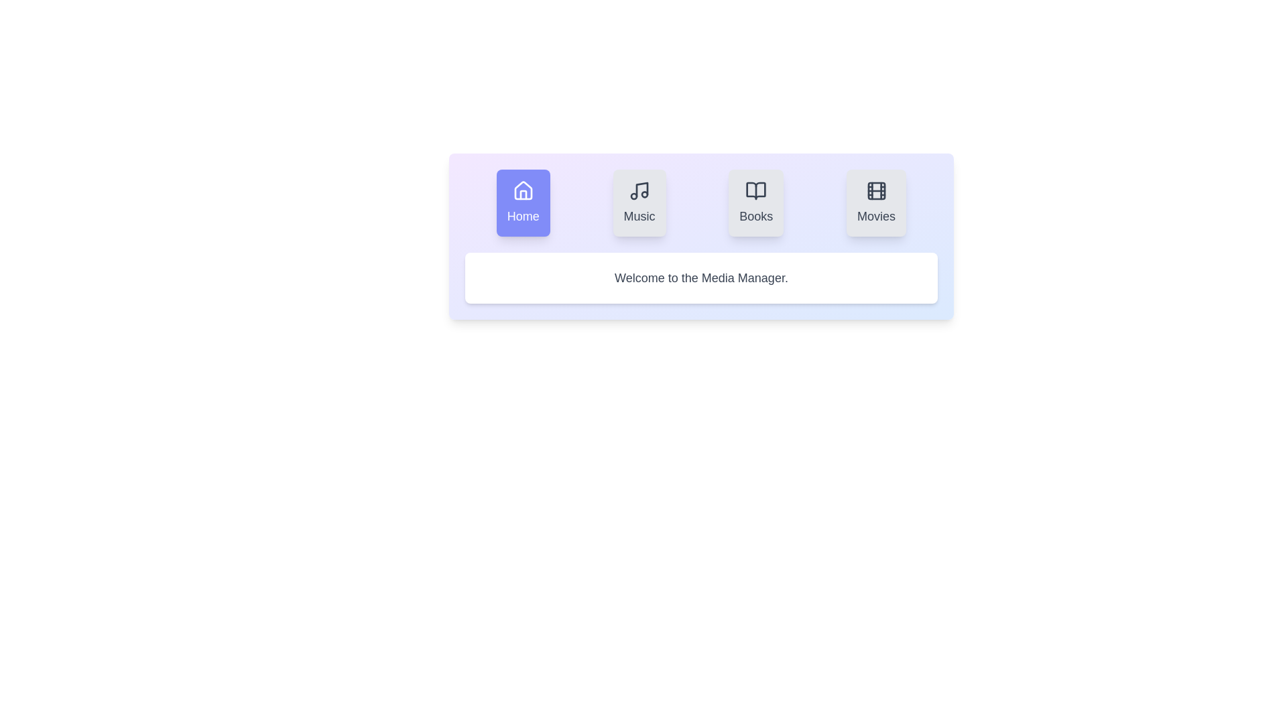 The height and width of the screenshot is (724, 1287). What do you see at coordinates (876, 203) in the screenshot?
I see `the Movies tab to observe its hover effect` at bounding box center [876, 203].